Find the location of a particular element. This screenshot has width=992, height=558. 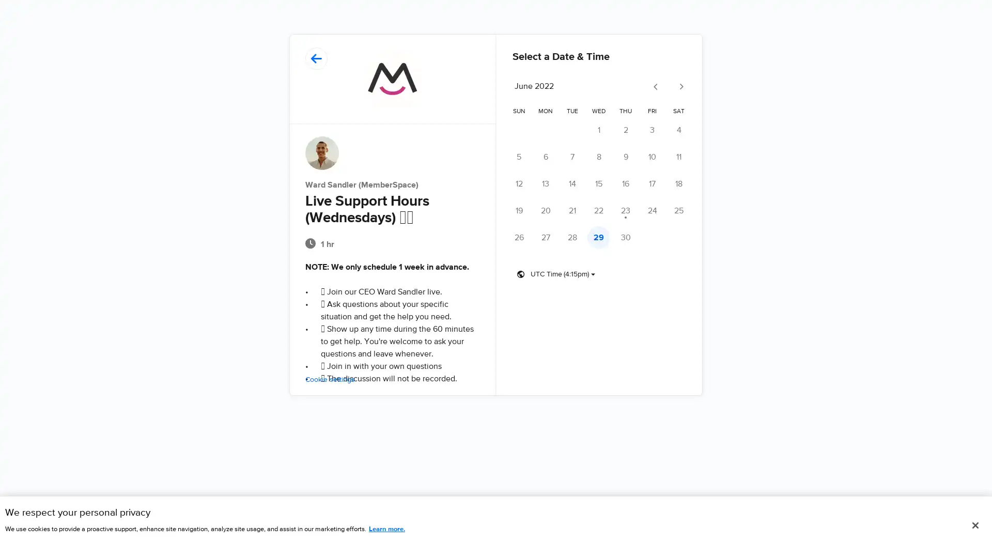

Friday, June 10 - No times available is located at coordinates (652, 157).